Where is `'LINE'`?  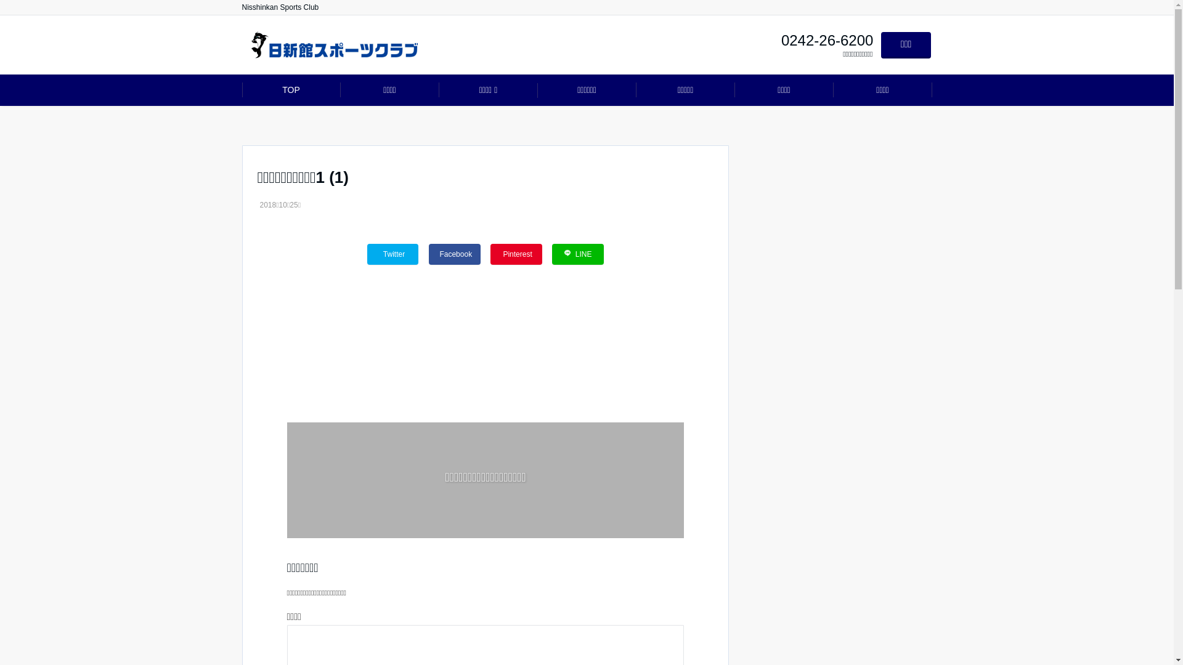 'LINE' is located at coordinates (551, 253).